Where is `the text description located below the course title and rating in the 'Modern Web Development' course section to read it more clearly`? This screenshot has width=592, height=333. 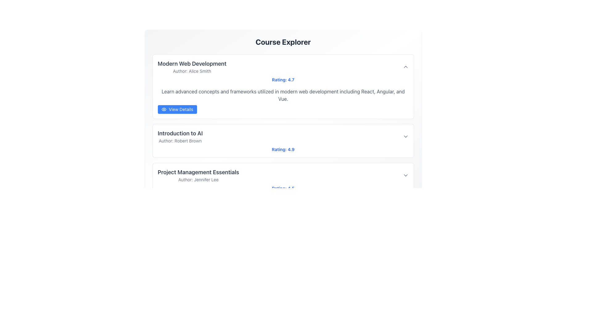
the text description located below the course title and rating in the 'Modern Web Development' course section to read it more clearly is located at coordinates (283, 101).